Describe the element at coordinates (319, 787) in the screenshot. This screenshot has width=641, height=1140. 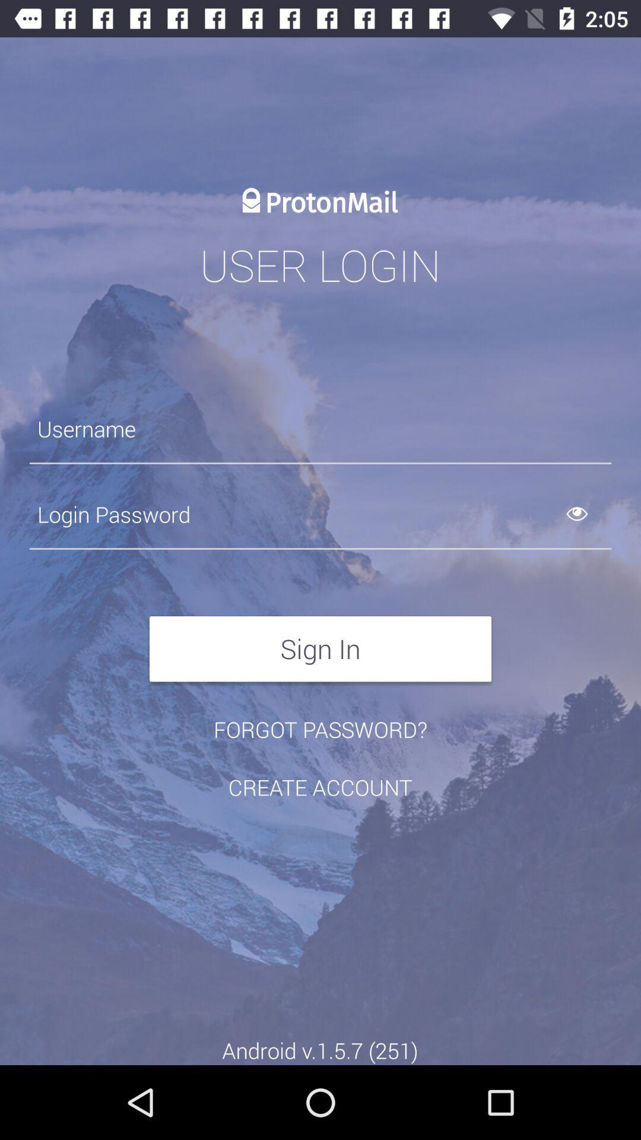
I see `the item above the android v 1 icon` at that location.